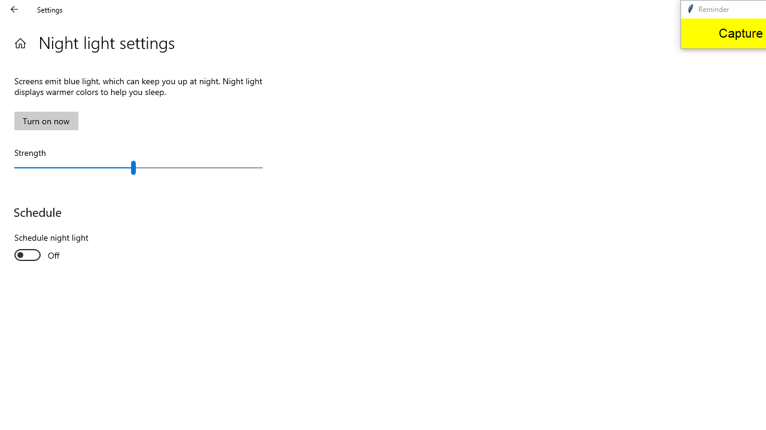  What do you see at coordinates (20, 42) in the screenshot?
I see `'Home'` at bounding box center [20, 42].